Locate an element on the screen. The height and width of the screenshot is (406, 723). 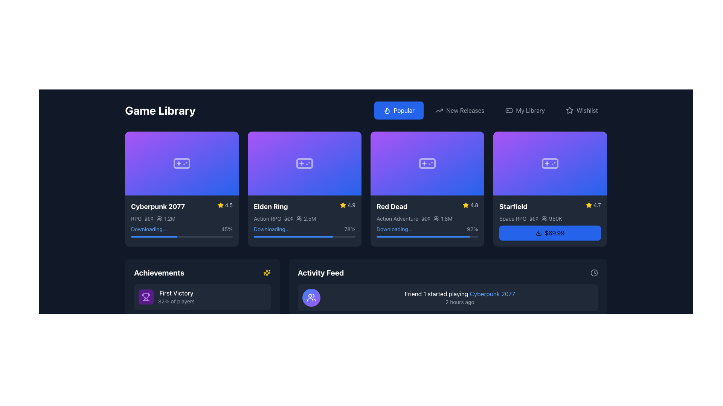
the download progress is located at coordinates (428, 236).